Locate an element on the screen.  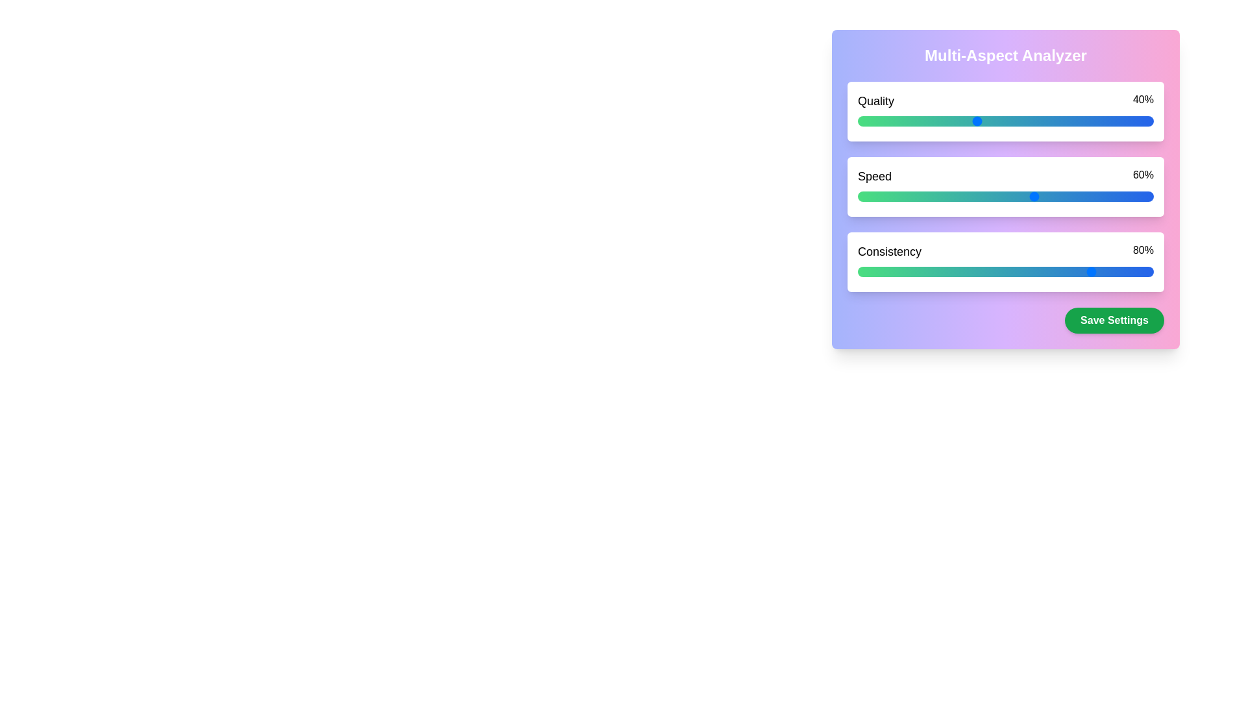
the speed value is located at coordinates (985, 197).